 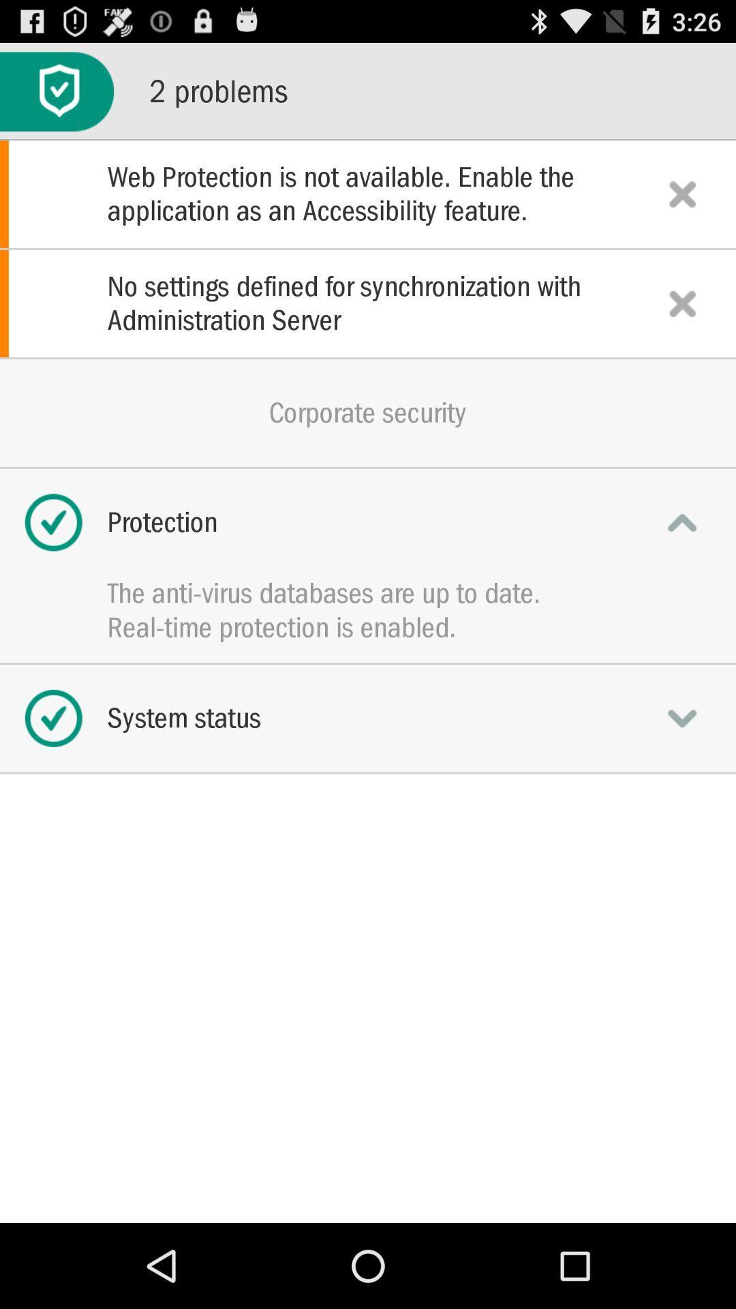 I want to click on notification, so click(x=682, y=303).